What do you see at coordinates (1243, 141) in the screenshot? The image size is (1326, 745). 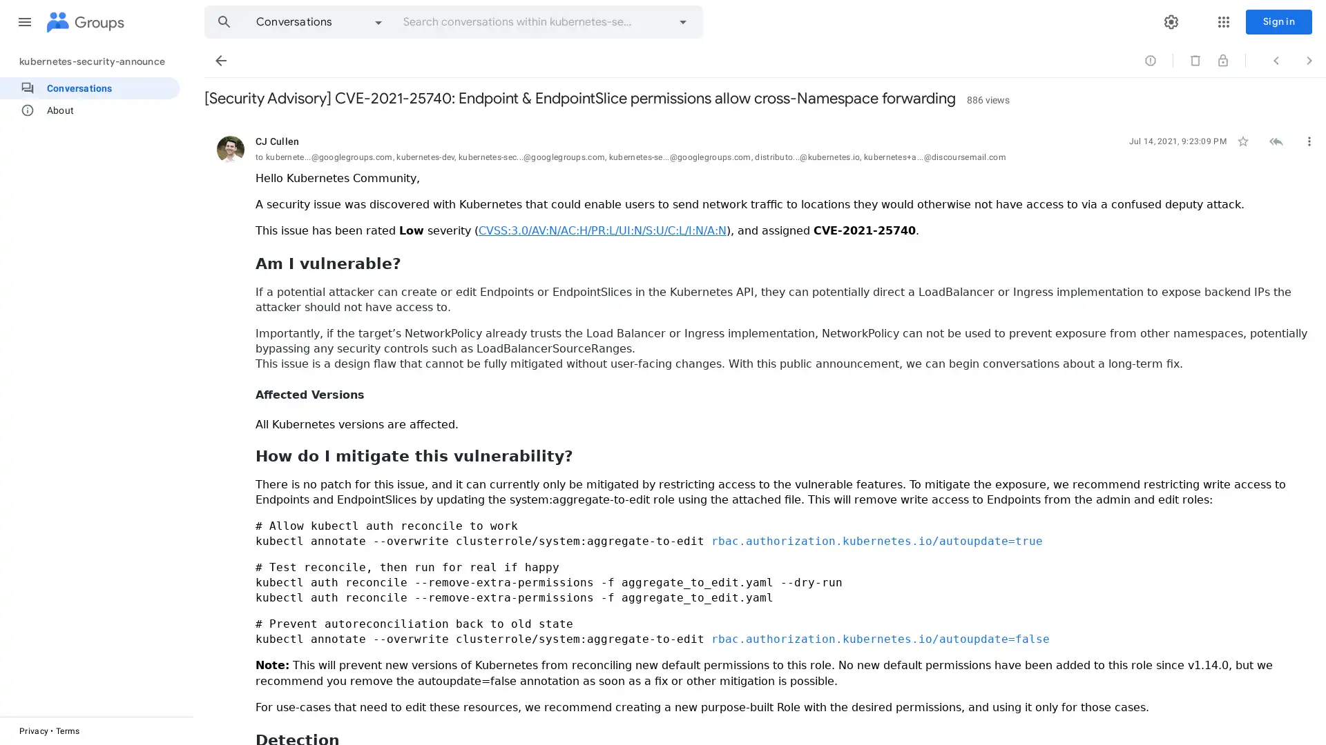 I see `Not starred` at bounding box center [1243, 141].